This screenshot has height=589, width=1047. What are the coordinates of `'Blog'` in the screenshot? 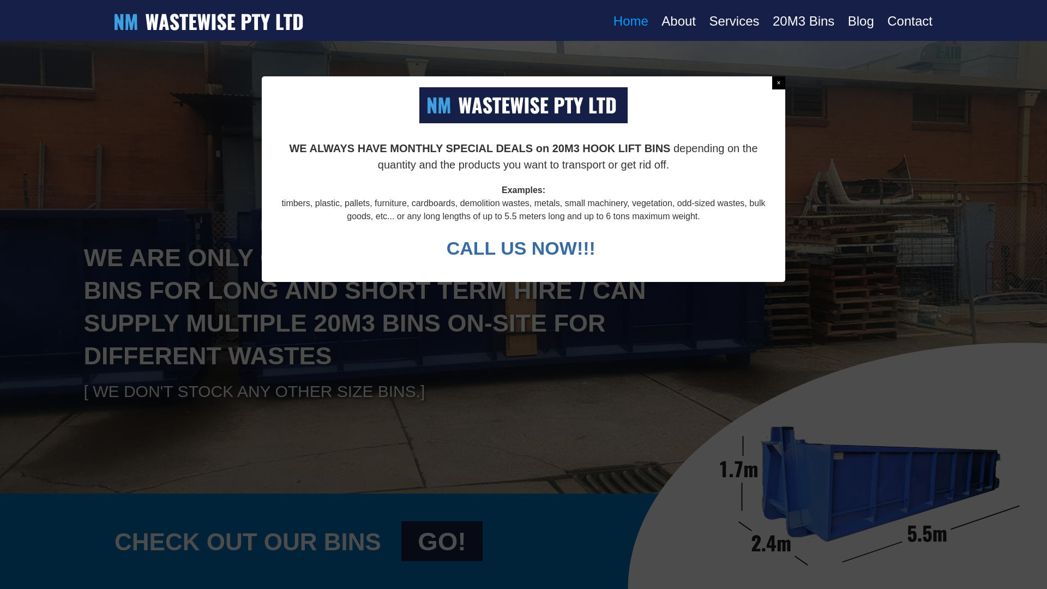 It's located at (861, 21).